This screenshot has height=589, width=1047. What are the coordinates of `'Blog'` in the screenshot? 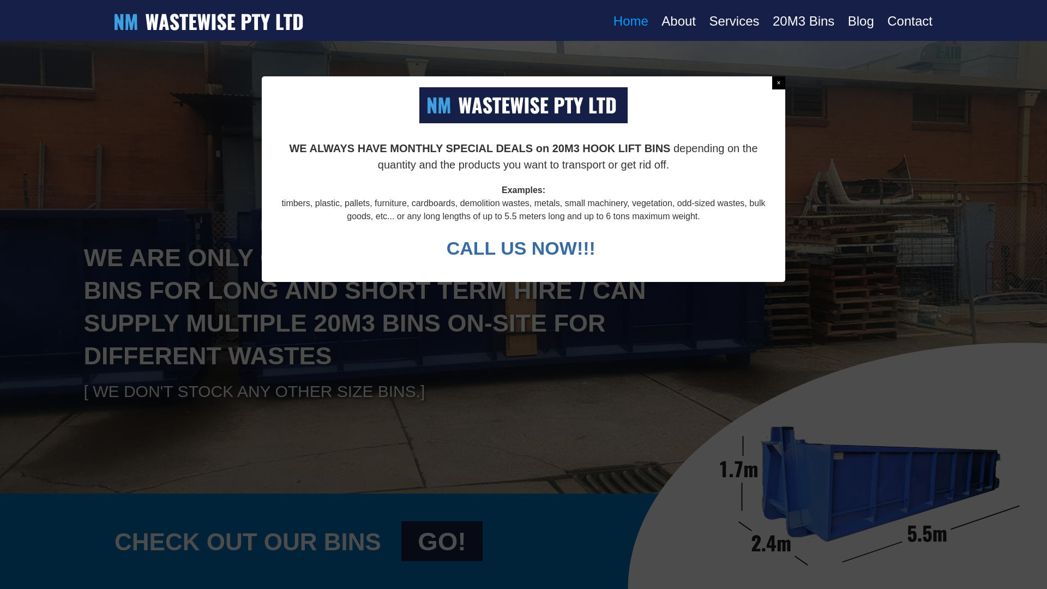 It's located at (861, 21).